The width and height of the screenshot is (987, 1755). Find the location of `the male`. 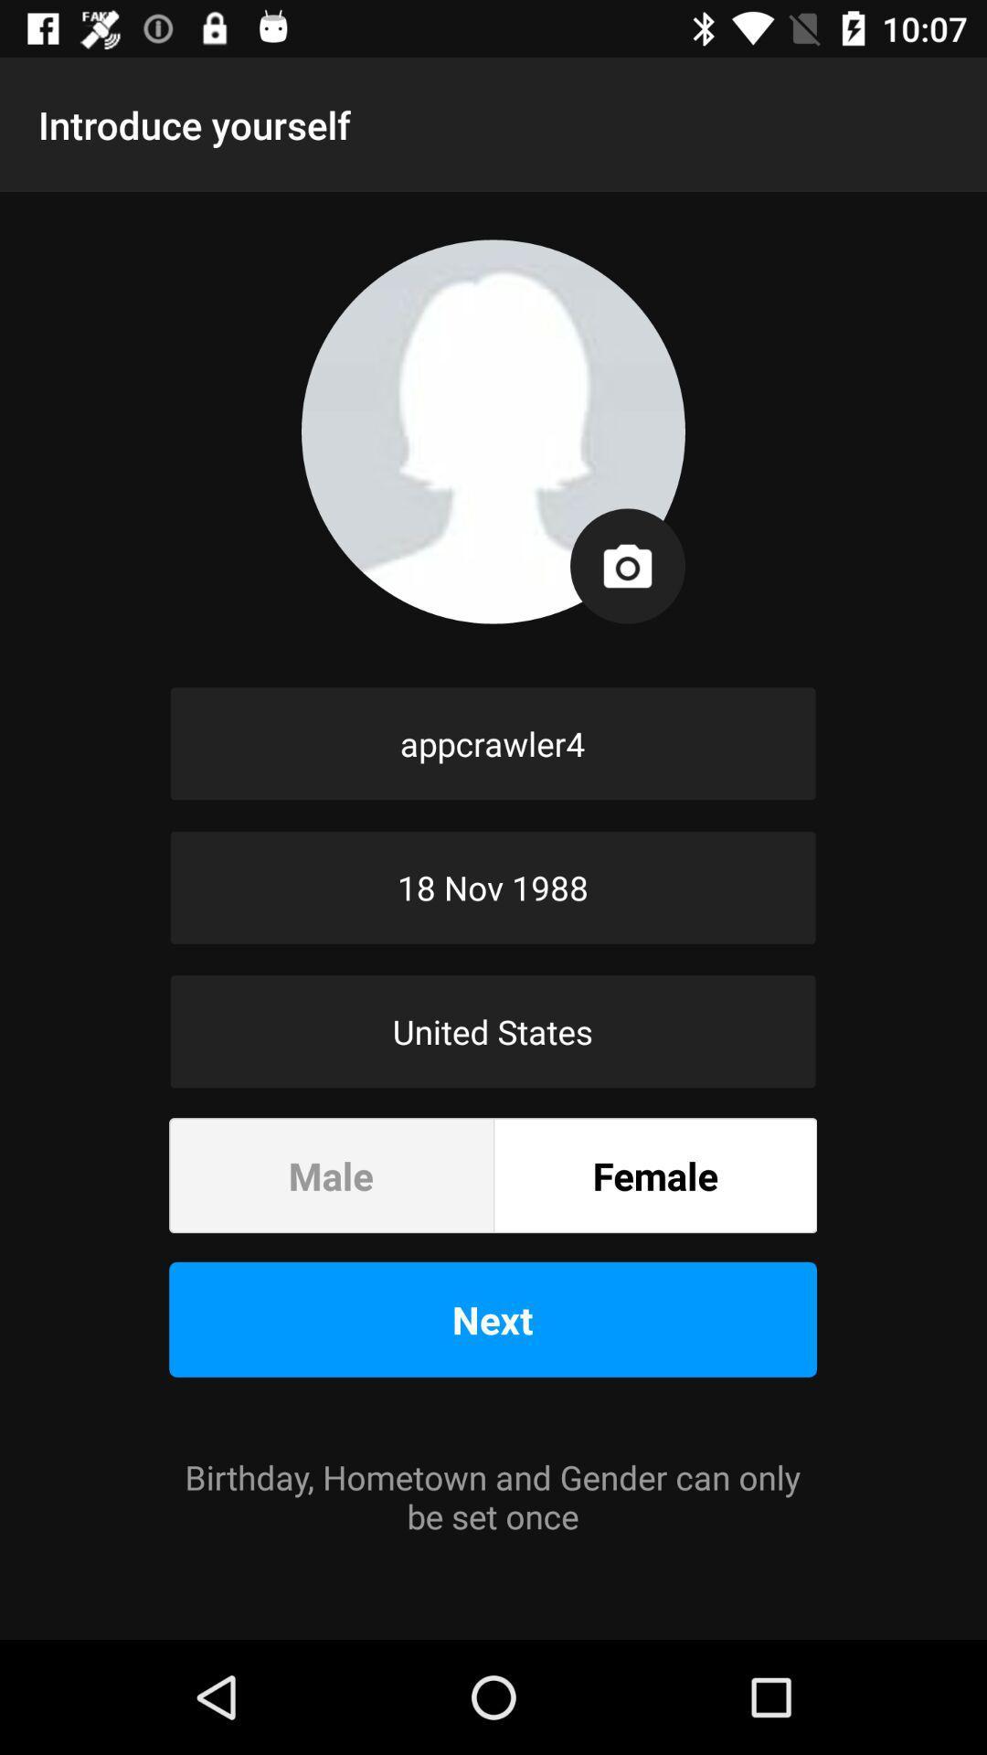

the male is located at coordinates (331, 1175).